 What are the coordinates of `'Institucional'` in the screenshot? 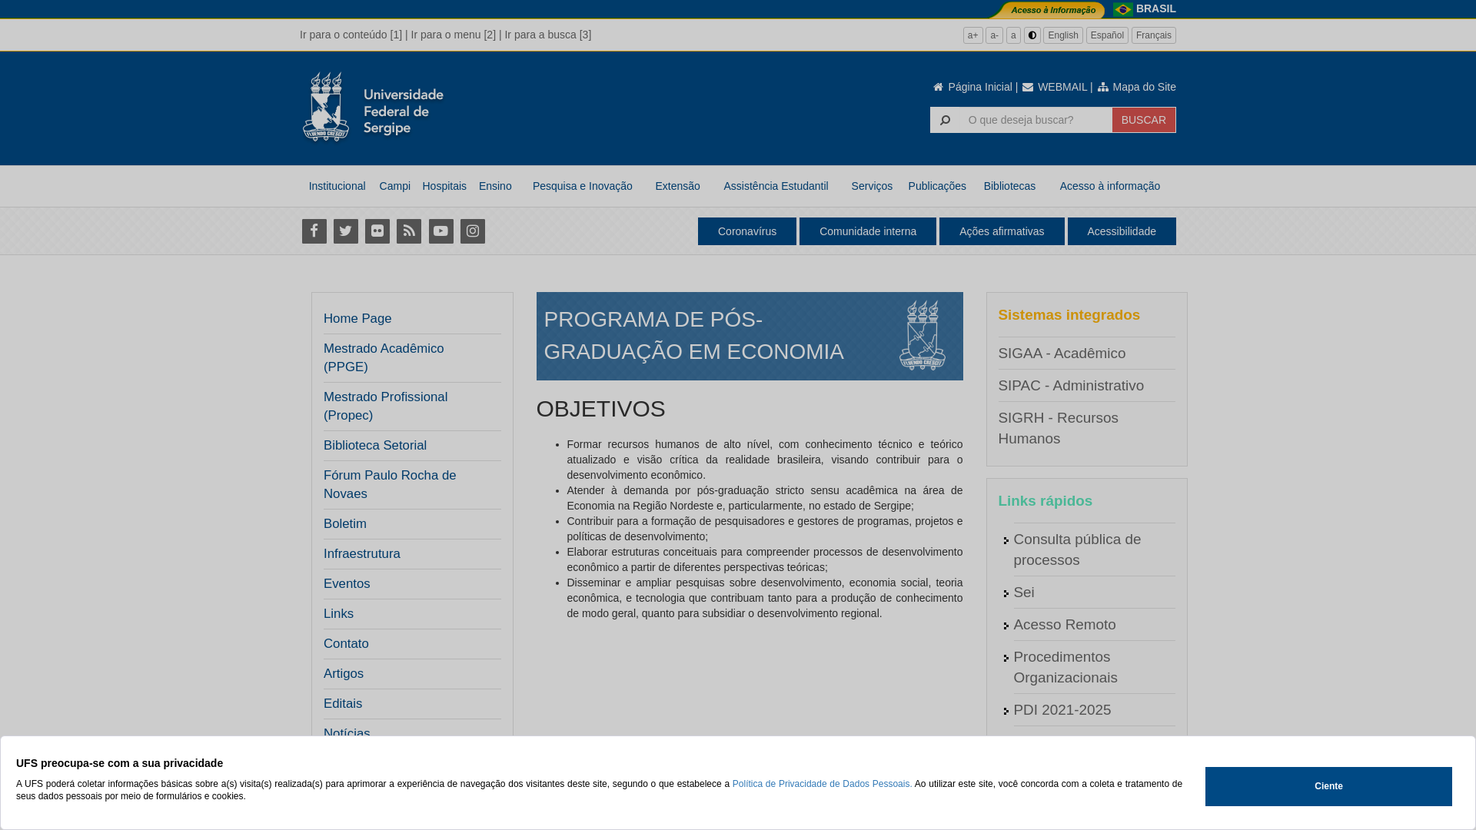 It's located at (336, 185).